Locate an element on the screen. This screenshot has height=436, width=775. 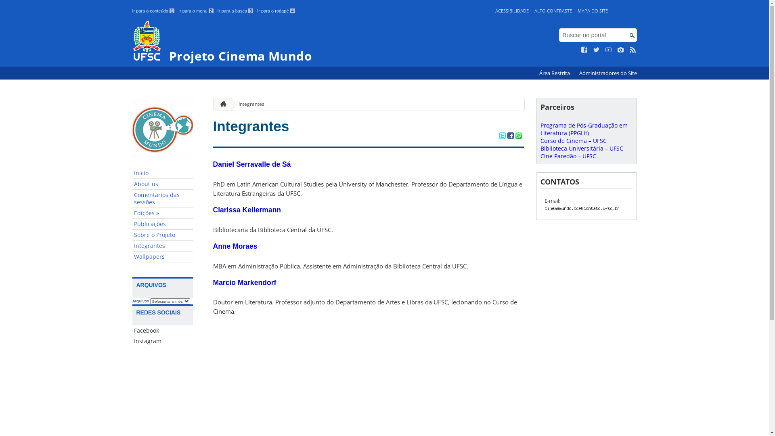
'About us' is located at coordinates (162, 184).